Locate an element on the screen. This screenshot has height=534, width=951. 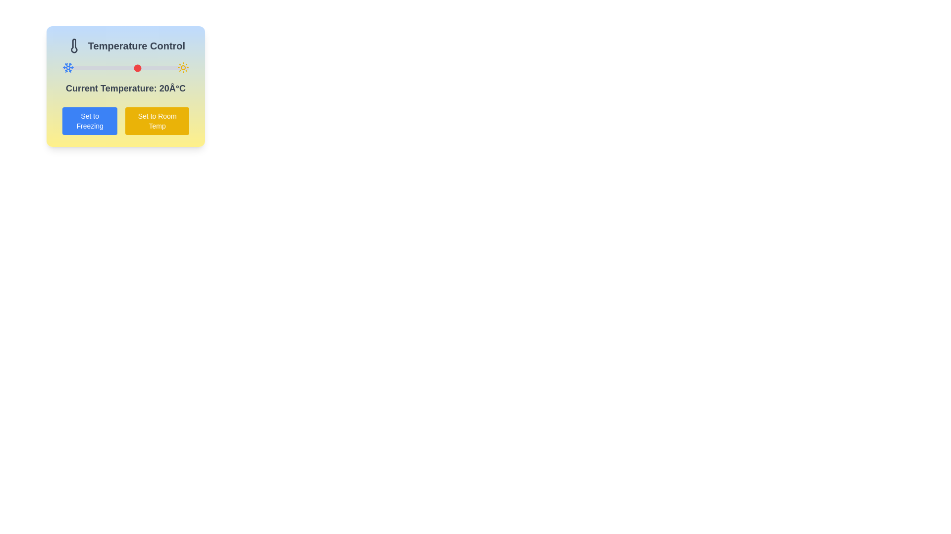
the yellow button labeled 'Set to Room Temp' is located at coordinates (157, 121).